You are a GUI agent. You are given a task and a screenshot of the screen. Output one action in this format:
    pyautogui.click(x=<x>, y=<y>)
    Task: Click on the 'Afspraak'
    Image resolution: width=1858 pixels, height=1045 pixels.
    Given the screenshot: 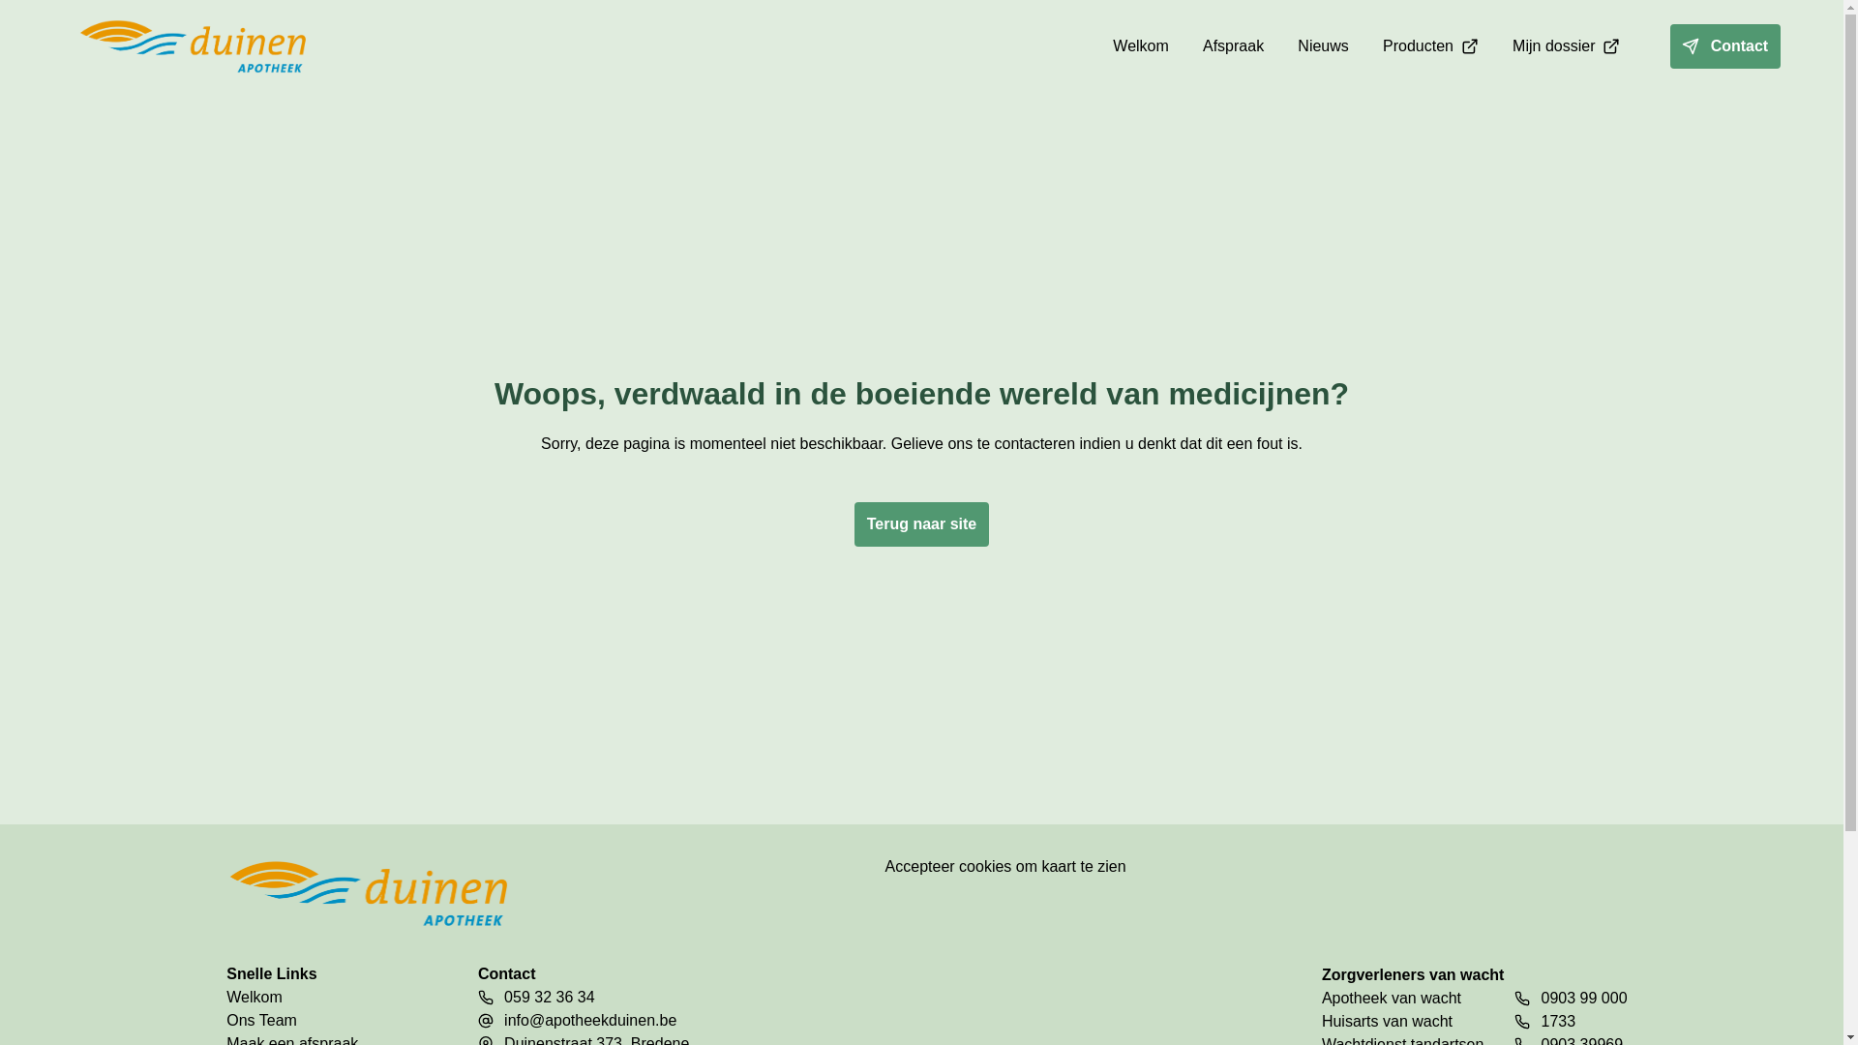 What is the action you would take?
    pyautogui.click(x=1186, y=45)
    